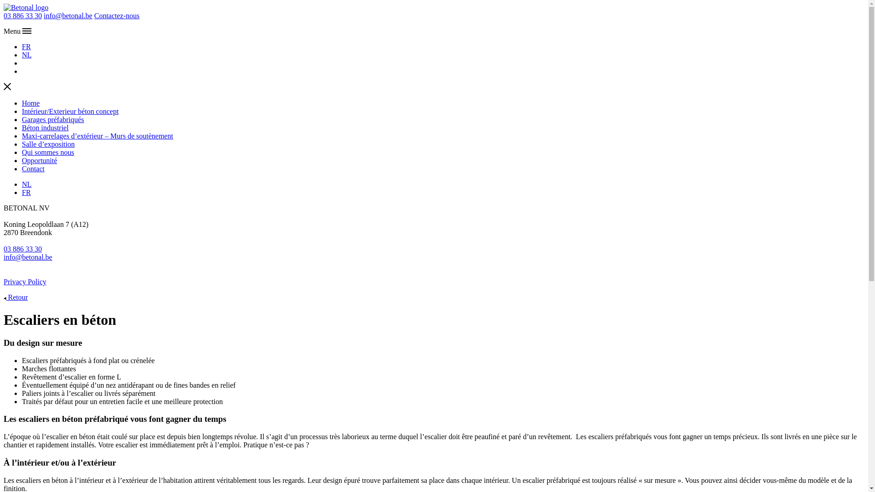 This screenshot has width=875, height=492. What do you see at coordinates (25, 281) in the screenshot?
I see `'Privacy Policy'` at bounding box center [25, 281].